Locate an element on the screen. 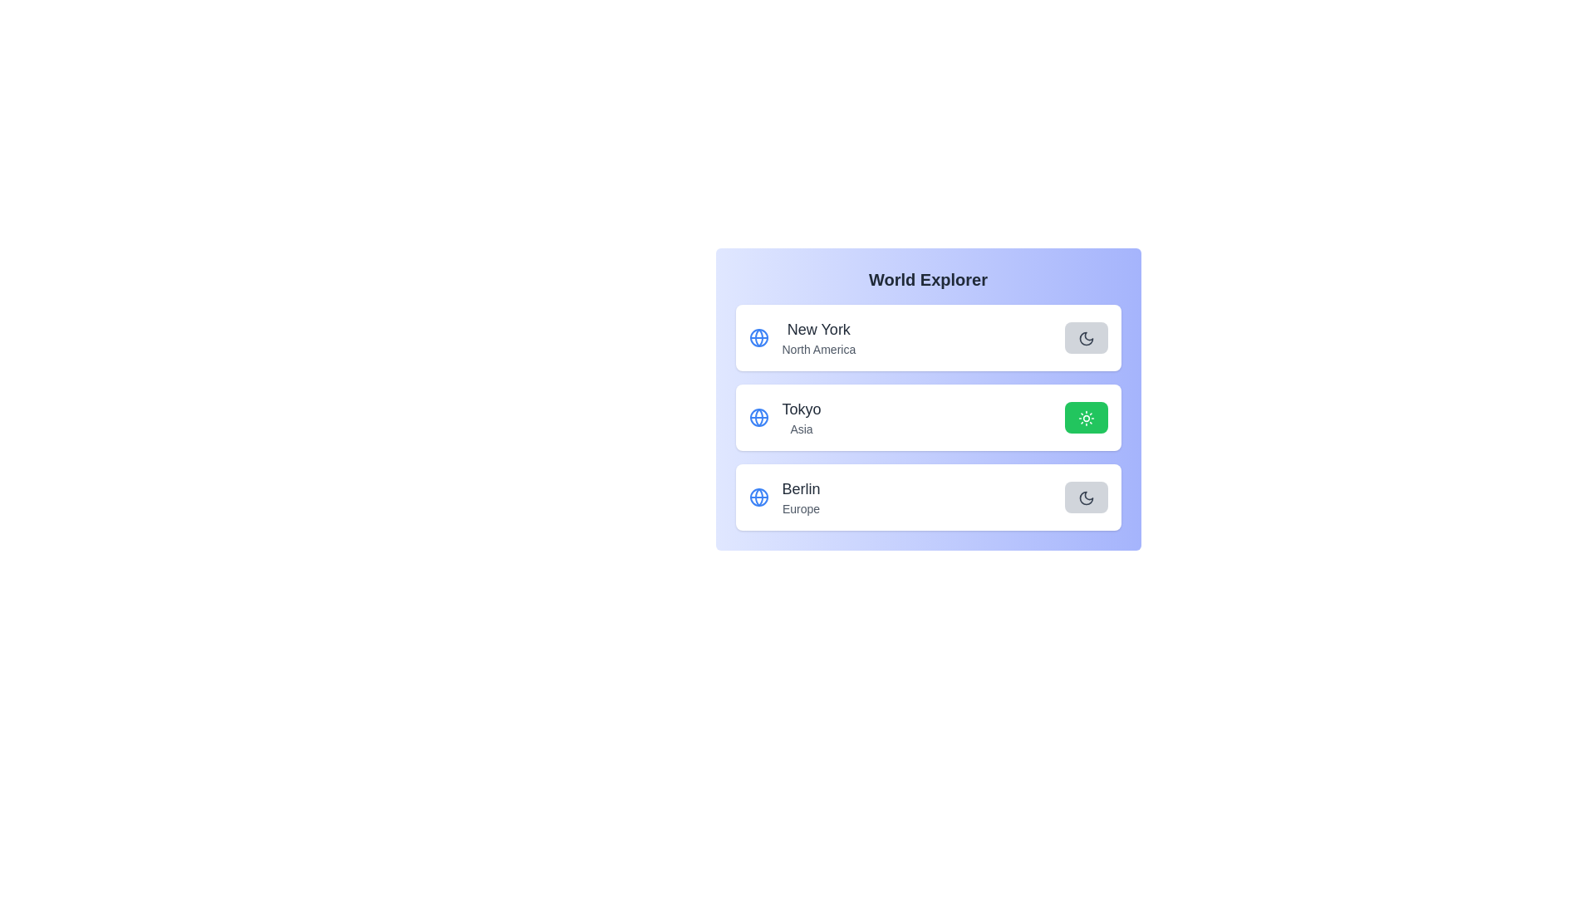 This screenshot has width=1595, height=897. the list item corresponding to Berlin is located at coordinates (927, 496).